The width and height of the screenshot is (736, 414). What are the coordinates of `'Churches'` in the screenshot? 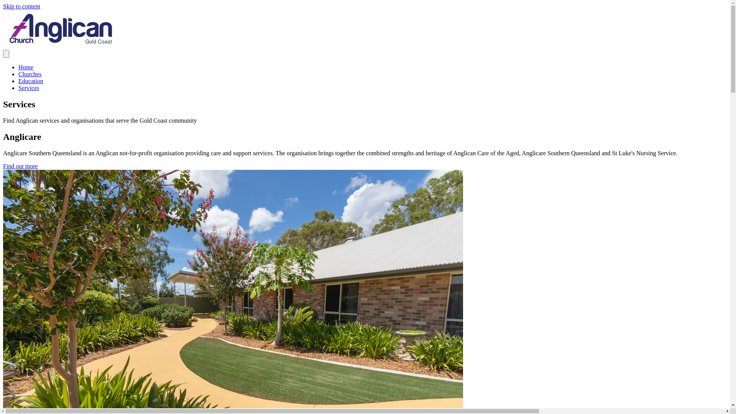 It's located at (30, 74).